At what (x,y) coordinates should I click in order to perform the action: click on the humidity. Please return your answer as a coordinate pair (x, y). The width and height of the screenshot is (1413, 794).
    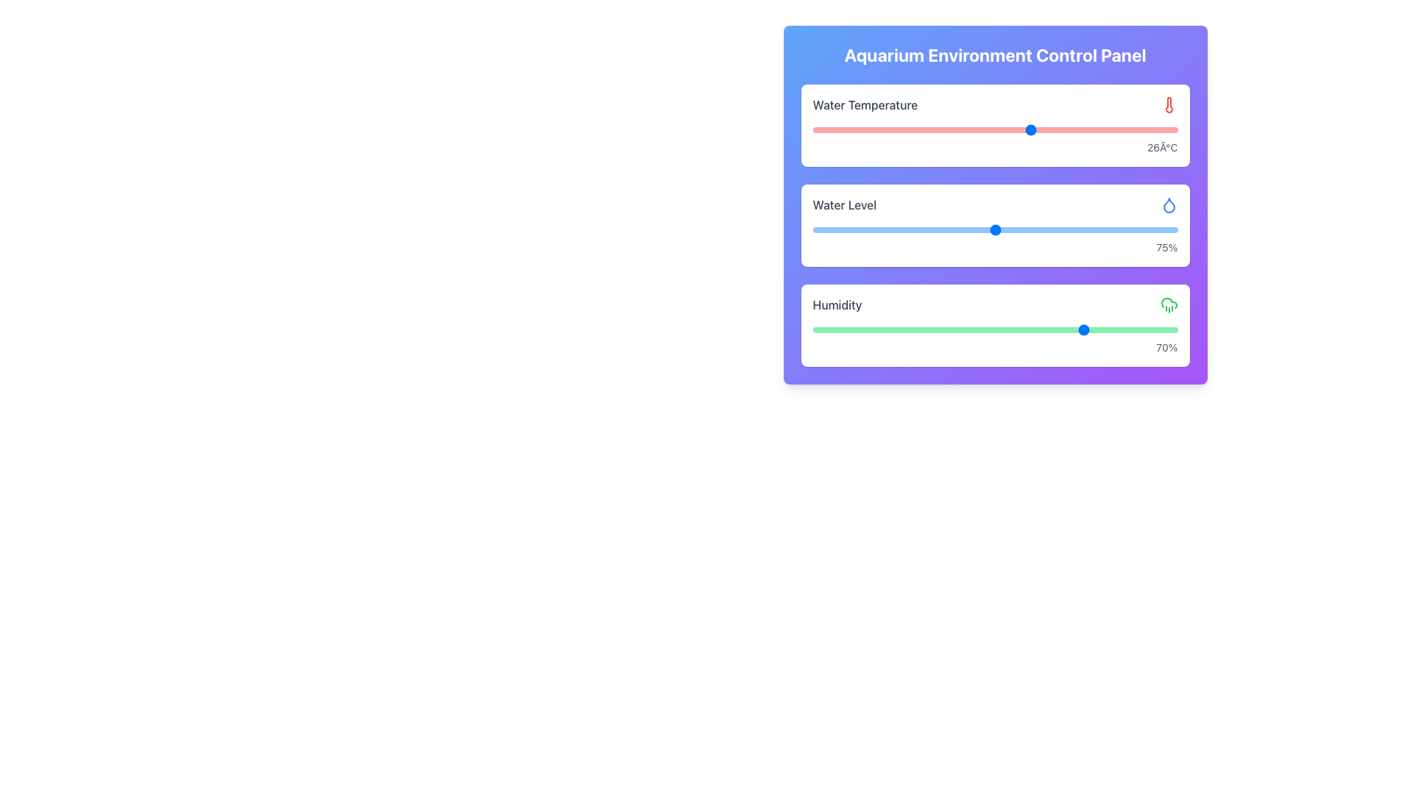
    Looking at the image, I should click on (858, 329).